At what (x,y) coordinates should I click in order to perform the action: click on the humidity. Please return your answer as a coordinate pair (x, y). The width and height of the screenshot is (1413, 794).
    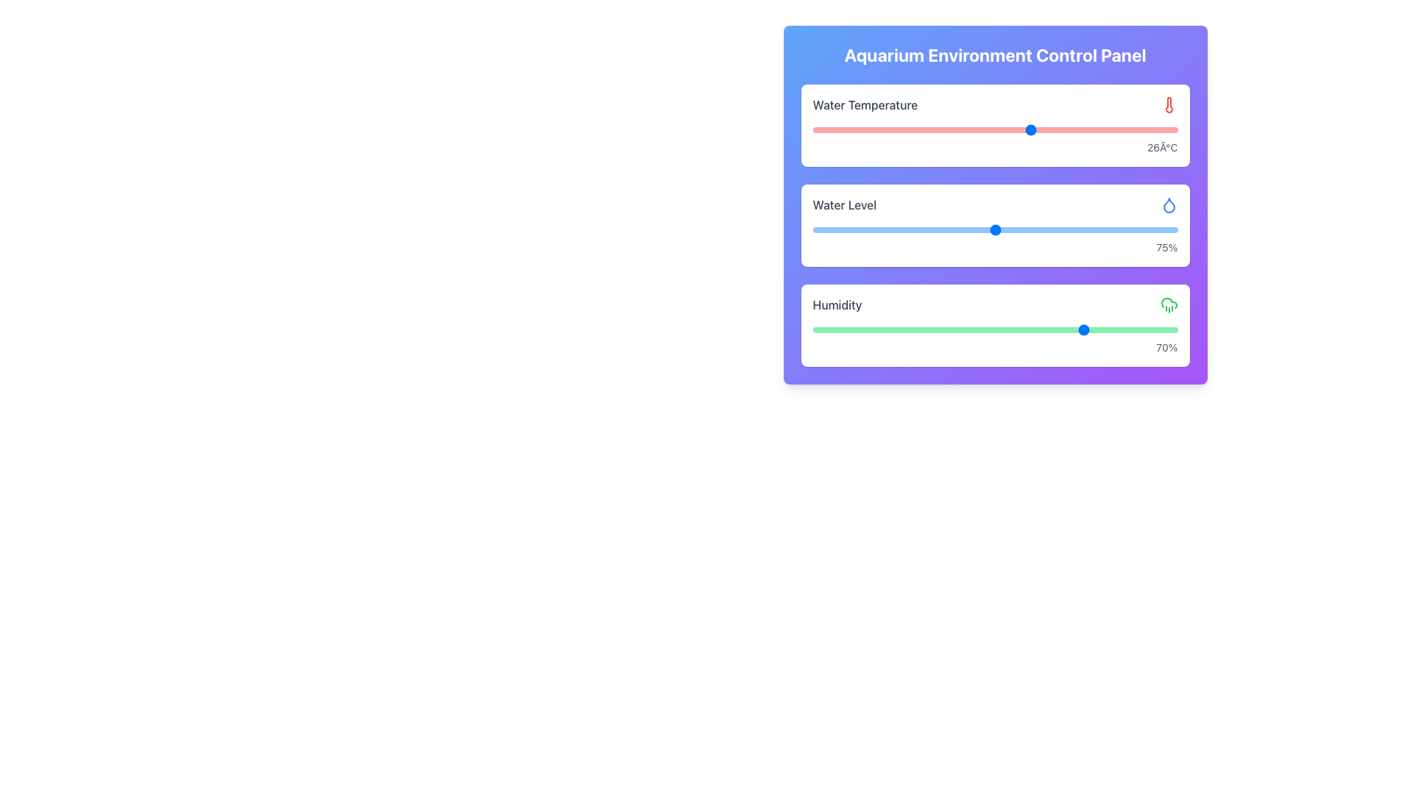
    Looking at the image, I should click on (858, 329).